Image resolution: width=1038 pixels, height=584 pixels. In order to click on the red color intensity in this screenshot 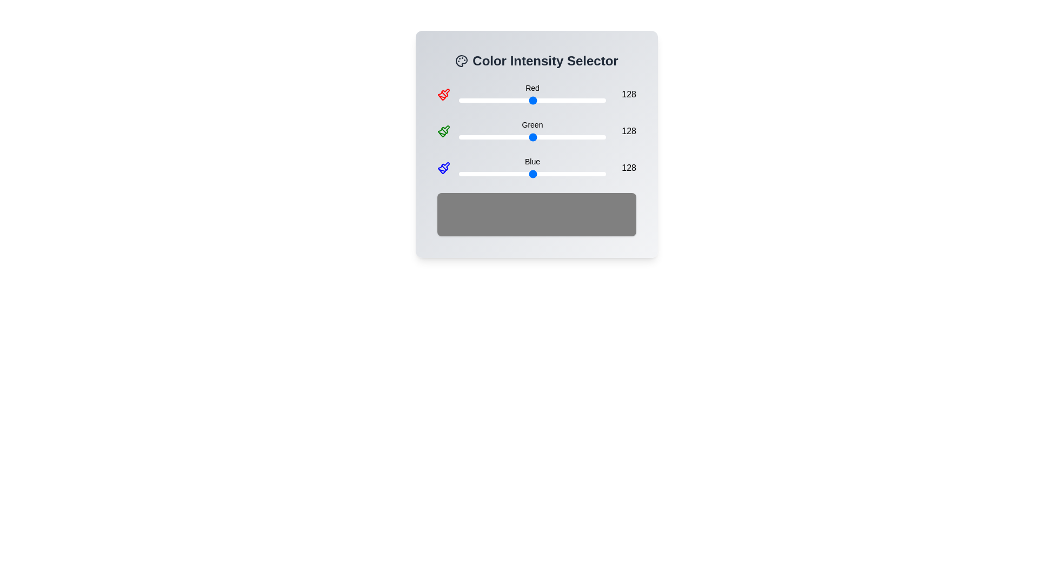, I will do `click(480, 100)`.